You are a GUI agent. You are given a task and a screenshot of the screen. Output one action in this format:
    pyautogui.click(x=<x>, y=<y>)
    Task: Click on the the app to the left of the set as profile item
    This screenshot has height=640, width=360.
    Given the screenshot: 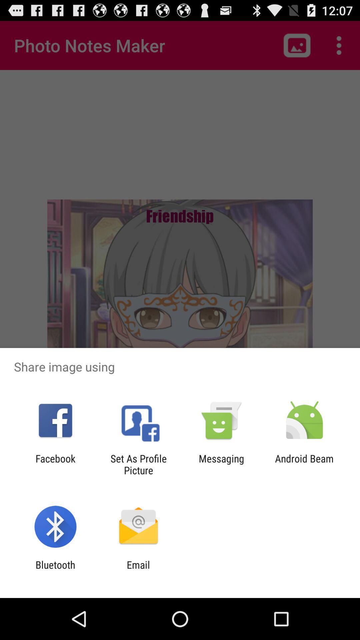 What is the action you would take?
    pyautogui.click(x=55, y=464)
    